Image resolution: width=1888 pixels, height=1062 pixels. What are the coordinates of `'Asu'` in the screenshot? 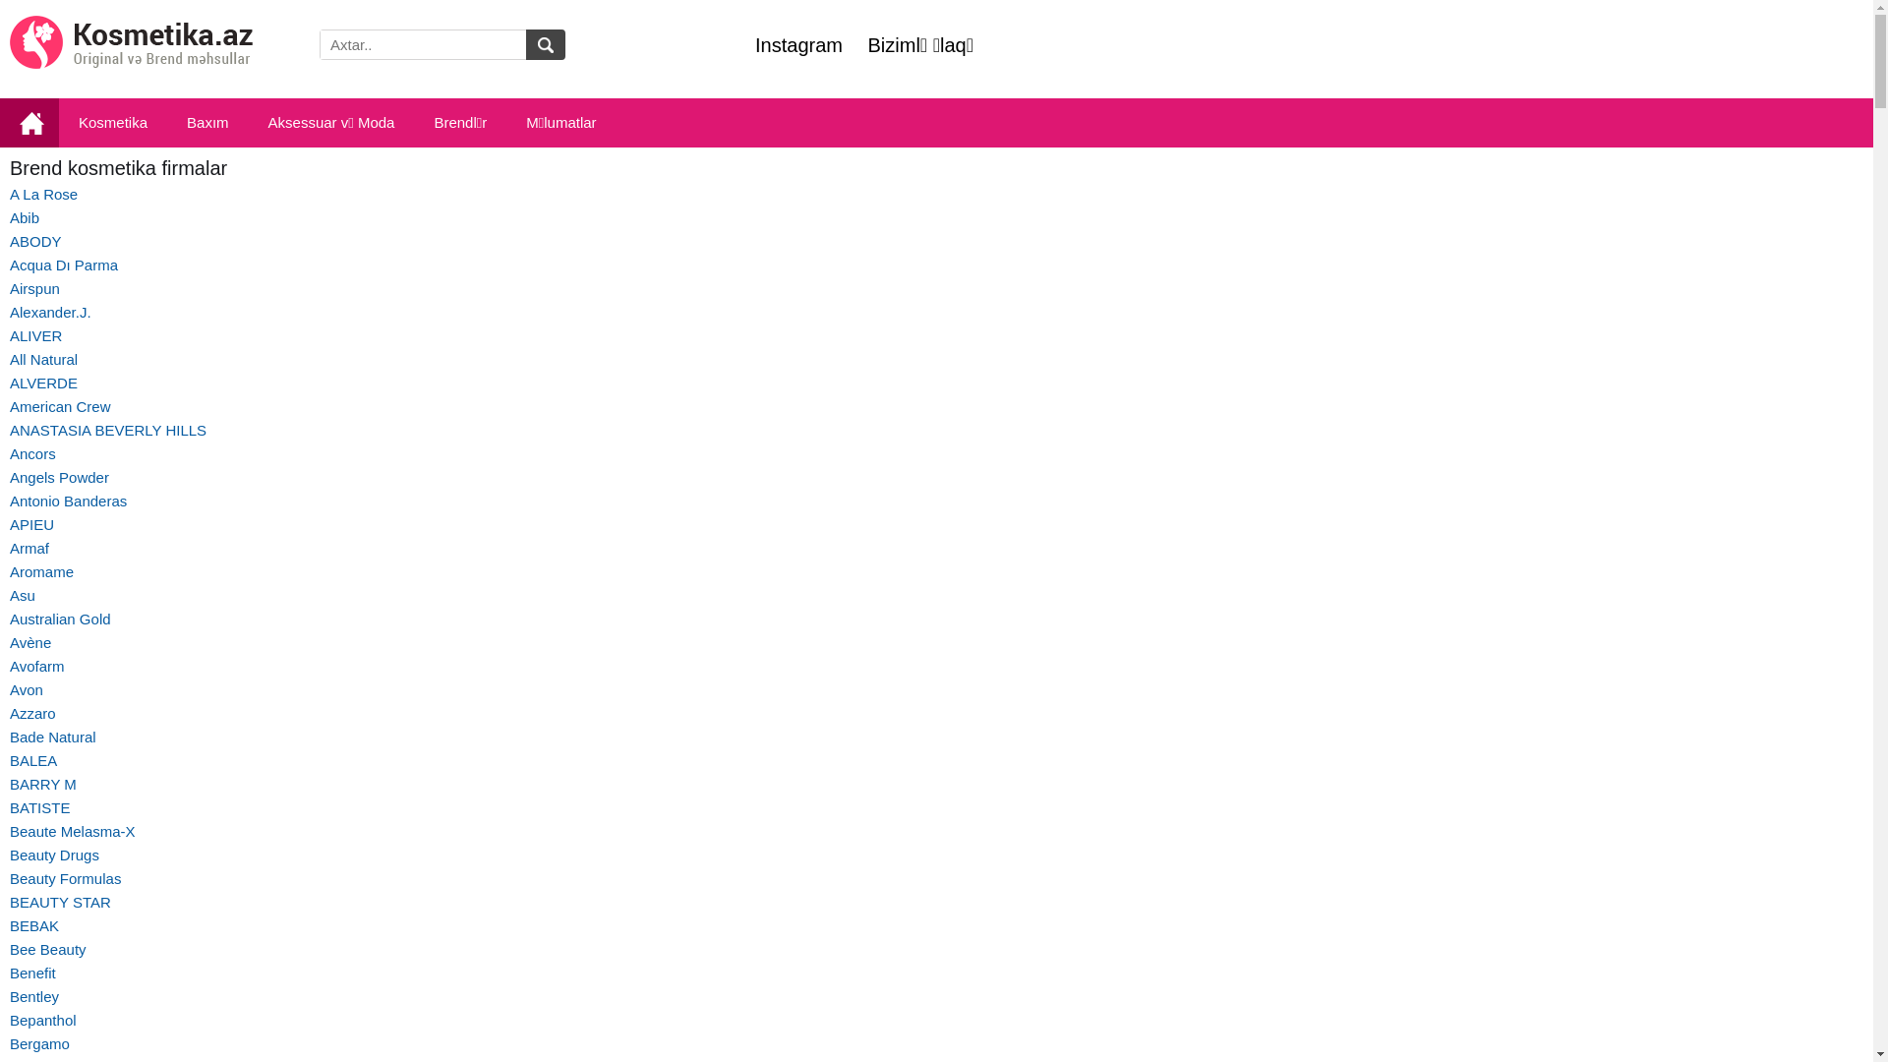 It's located at (23, 594).